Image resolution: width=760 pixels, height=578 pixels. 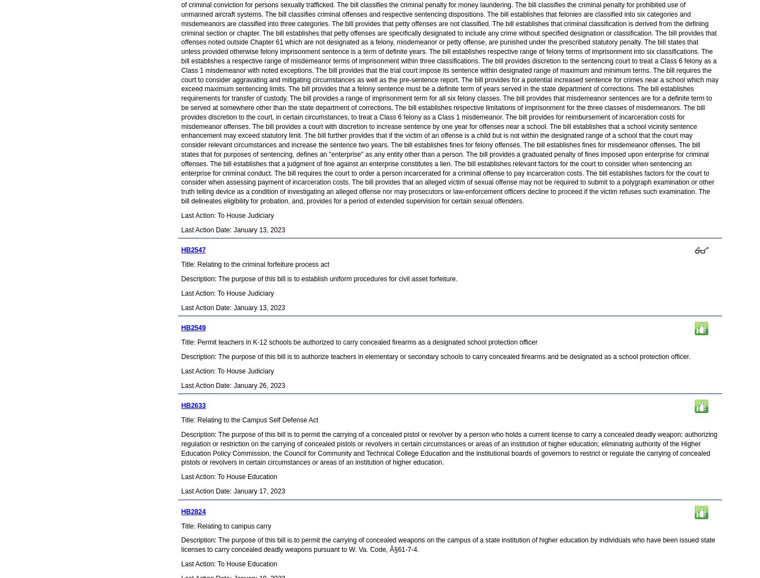 What do you see at coordinates (180, 490) in the screenshot?
I see `'Last Action Date: January 17, 2023'` at bounding box center [180, 490].